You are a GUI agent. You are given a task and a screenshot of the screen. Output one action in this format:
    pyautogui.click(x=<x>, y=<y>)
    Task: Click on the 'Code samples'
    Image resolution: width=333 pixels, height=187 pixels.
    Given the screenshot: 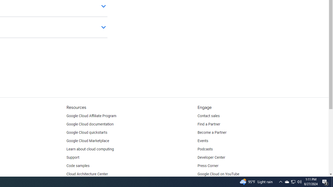 What is the action you would take?
    pyautogui.click(x=78, y=166)
    